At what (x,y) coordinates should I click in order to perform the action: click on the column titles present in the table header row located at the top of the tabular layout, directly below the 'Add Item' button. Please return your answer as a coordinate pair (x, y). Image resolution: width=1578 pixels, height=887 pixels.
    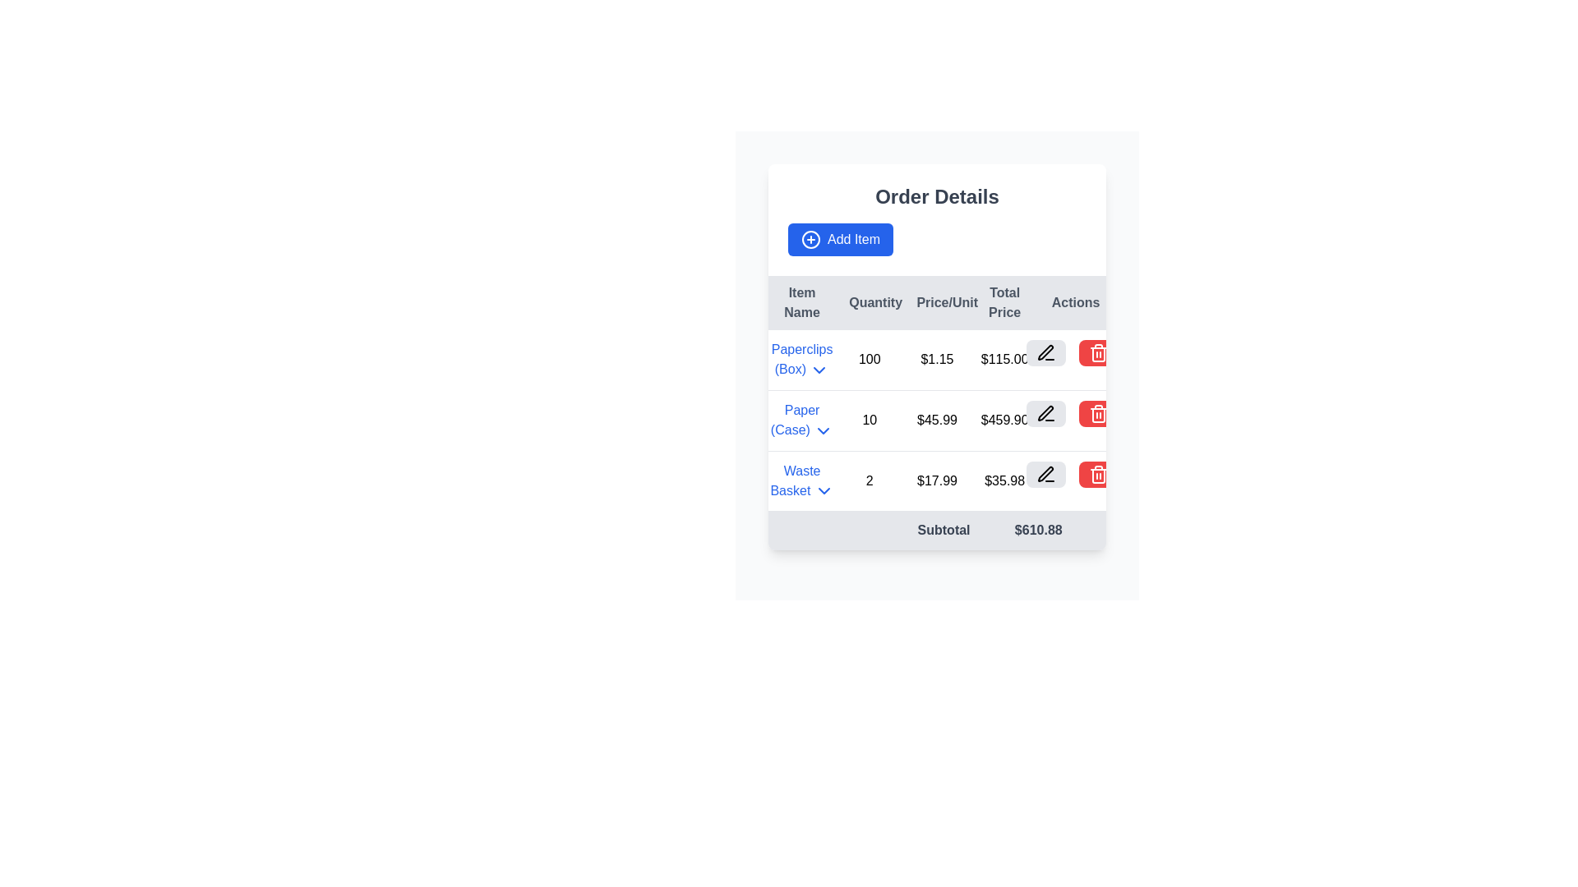
    Looking at the image, I should click on (937, 303).